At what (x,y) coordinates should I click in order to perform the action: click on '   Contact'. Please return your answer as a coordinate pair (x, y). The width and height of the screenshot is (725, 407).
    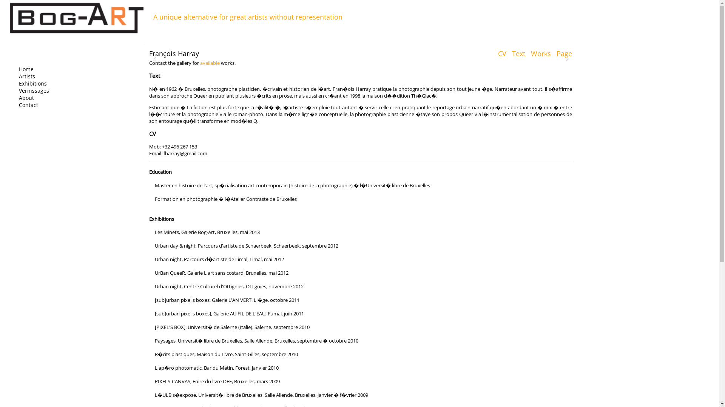
    Looking at the image, I should click on (26, 105).